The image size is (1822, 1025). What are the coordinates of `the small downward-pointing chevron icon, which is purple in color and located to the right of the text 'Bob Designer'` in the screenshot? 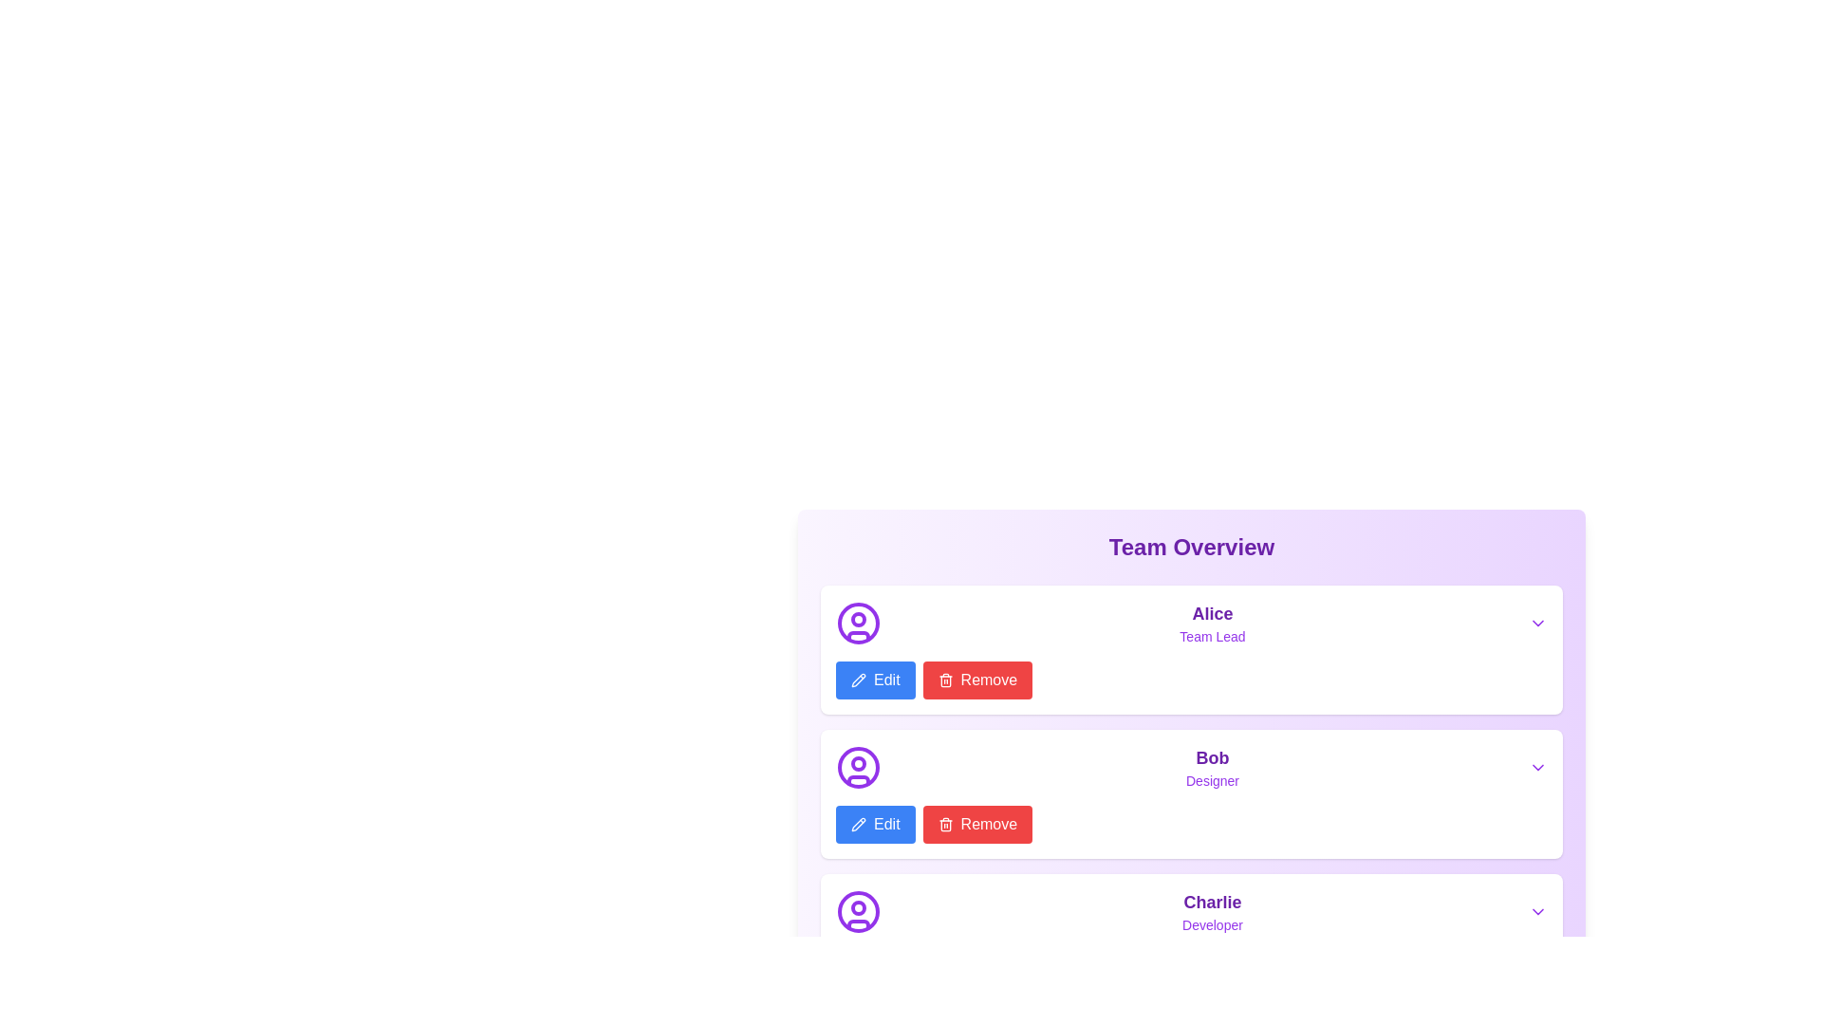 It's located at (1538, 767).